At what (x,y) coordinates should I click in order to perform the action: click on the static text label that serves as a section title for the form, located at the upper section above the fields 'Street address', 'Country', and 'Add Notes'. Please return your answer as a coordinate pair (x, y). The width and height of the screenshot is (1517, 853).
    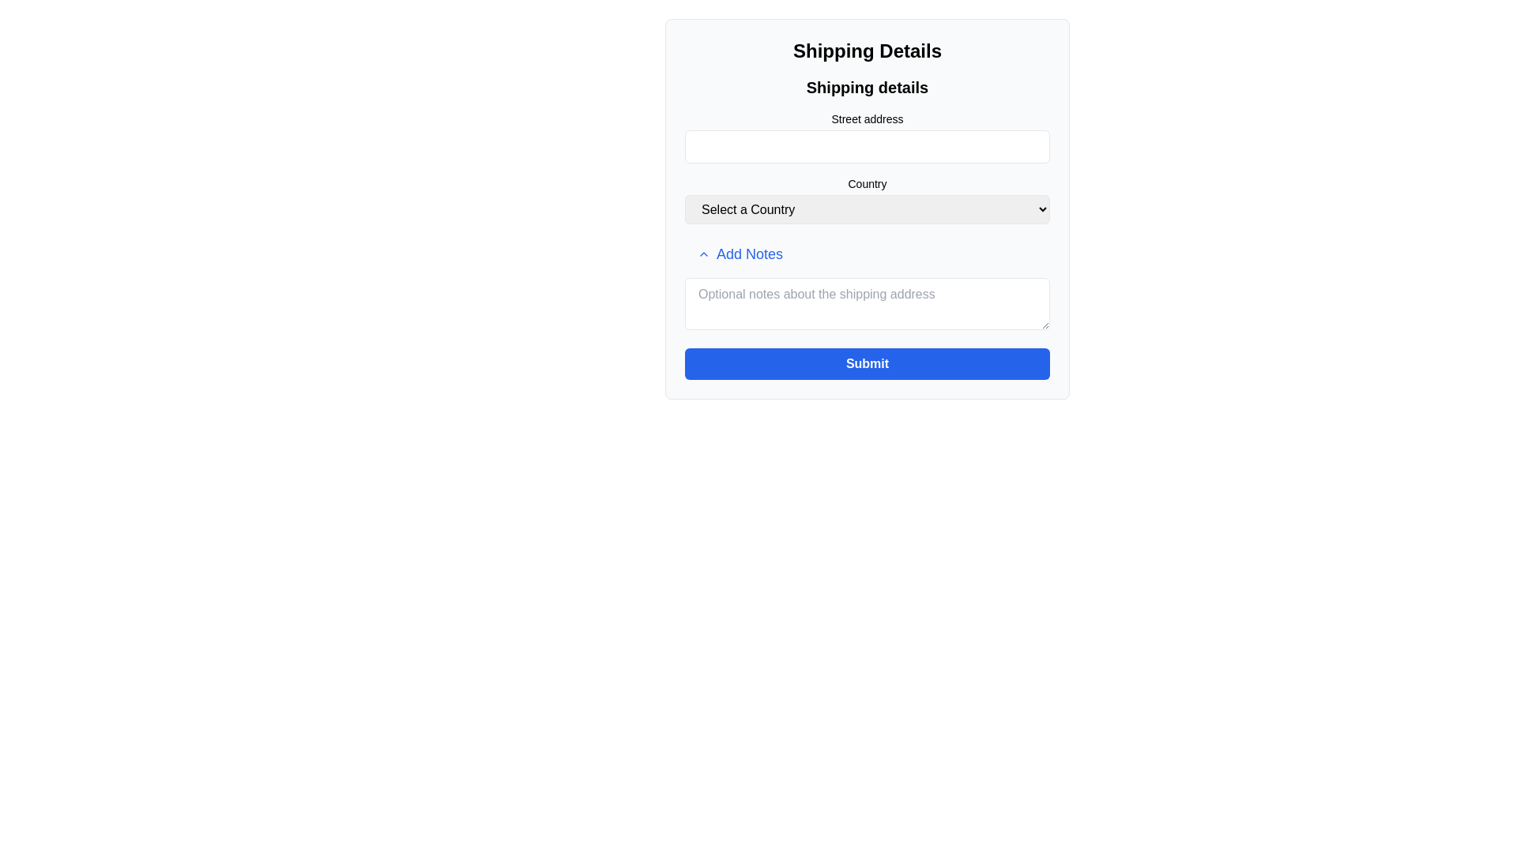
    Looking at the image, I should click on (867, 88).